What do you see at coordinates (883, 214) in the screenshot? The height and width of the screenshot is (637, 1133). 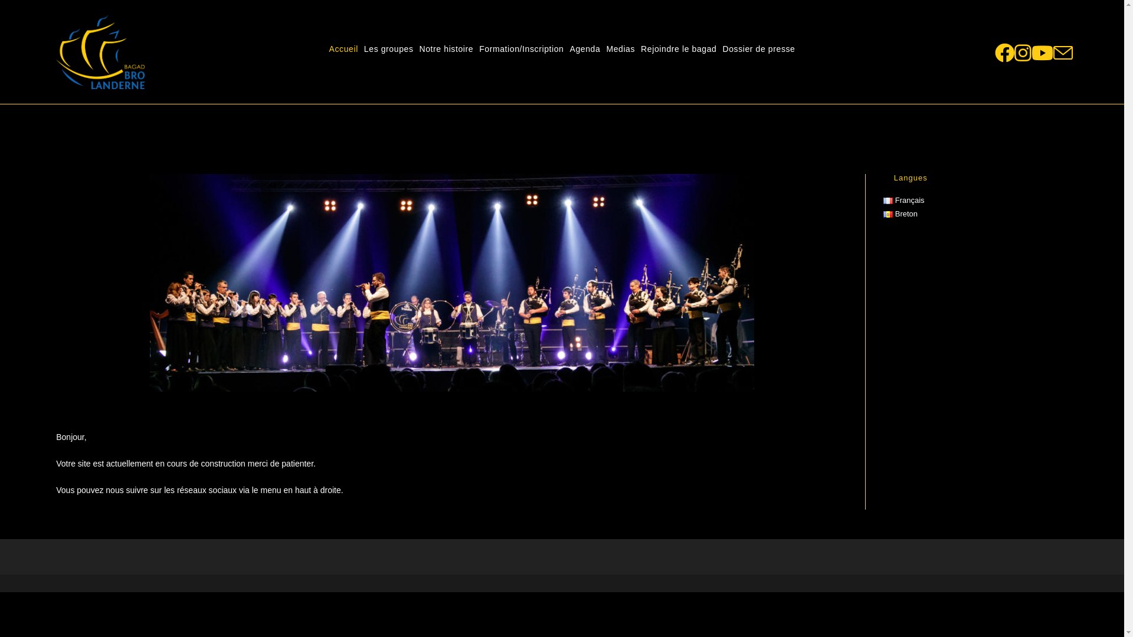 I see `'Breton'` at bounding box center [883, 214].